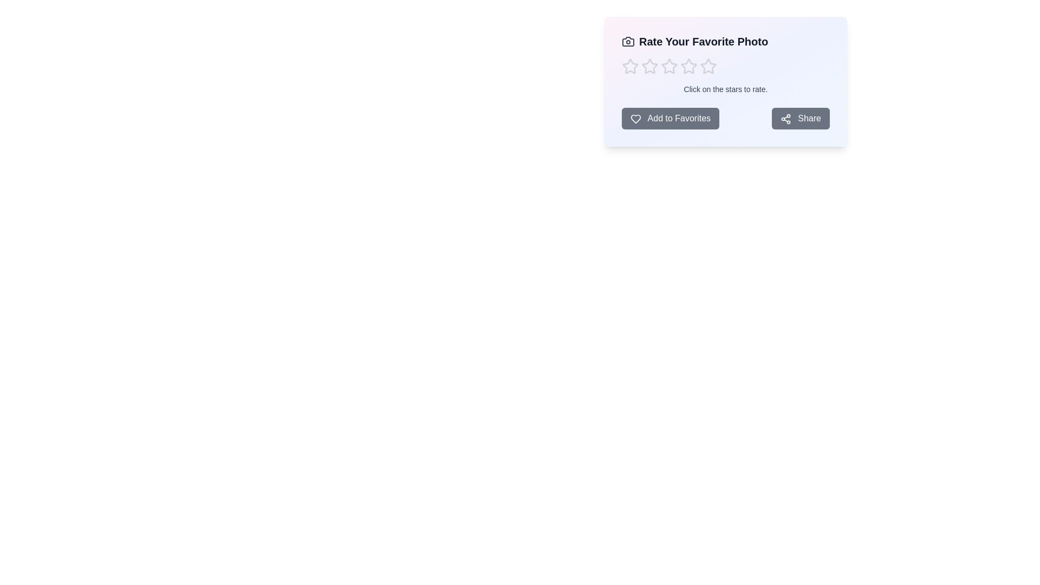  What do you see at coordinates (725, 67) in the screenshot?
I see `the star in the Rating component located beneath 'Rate Your Favorite Photo'` at bounding box center [725, 67].